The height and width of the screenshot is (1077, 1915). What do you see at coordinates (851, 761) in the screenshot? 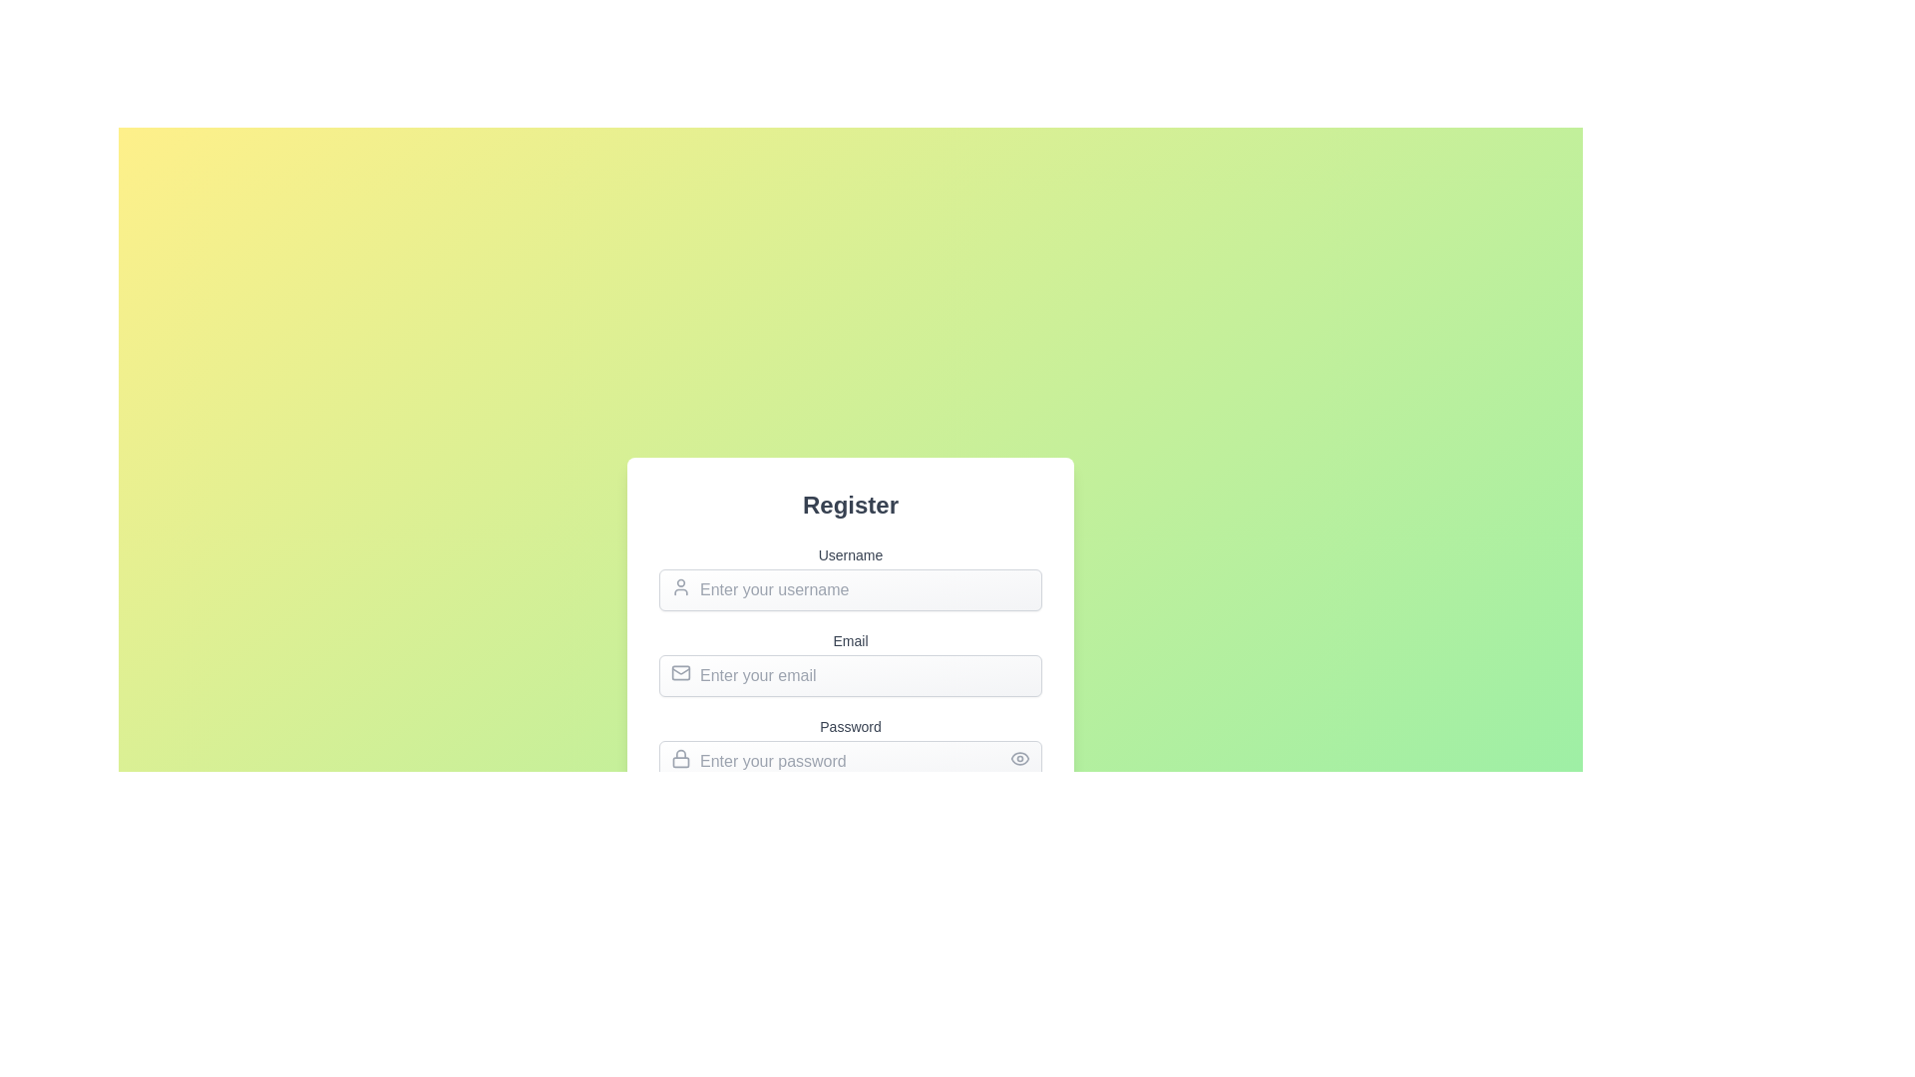
I see `the Password Input Field in the registration form` at bounding box center [851, 761].